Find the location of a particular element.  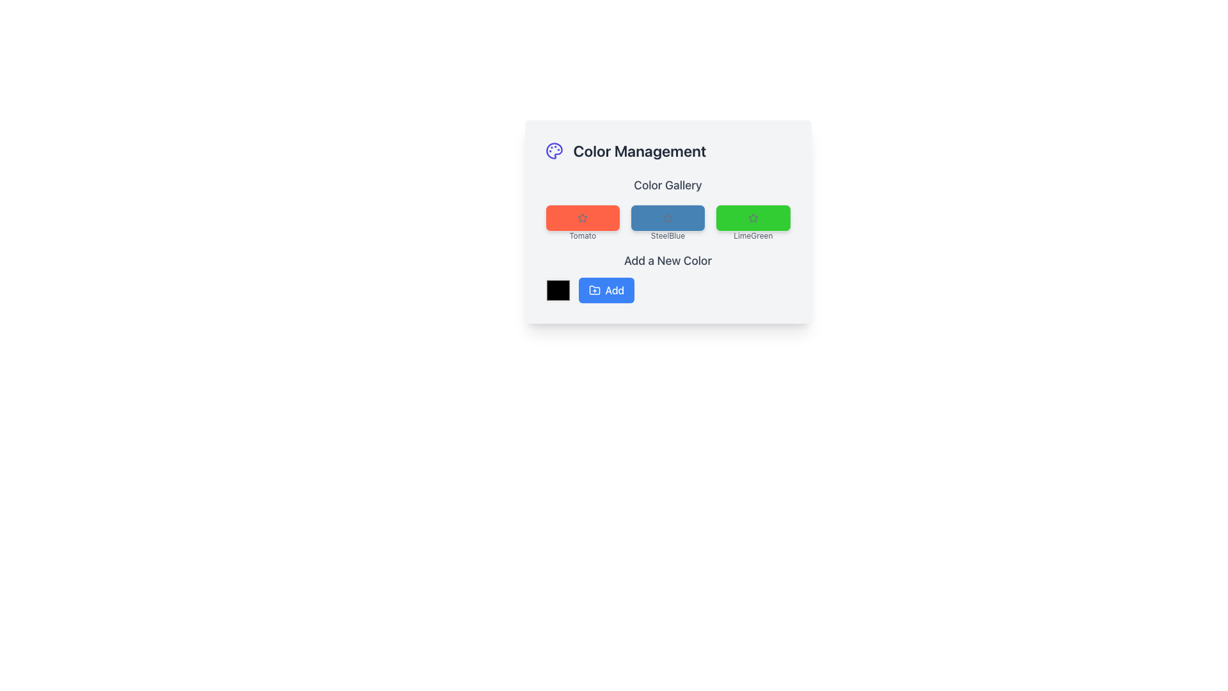

the header text indicating the purpose of the section for adding a new color, located above the color picker and 'Add' button is located at coordinates (667, 260).